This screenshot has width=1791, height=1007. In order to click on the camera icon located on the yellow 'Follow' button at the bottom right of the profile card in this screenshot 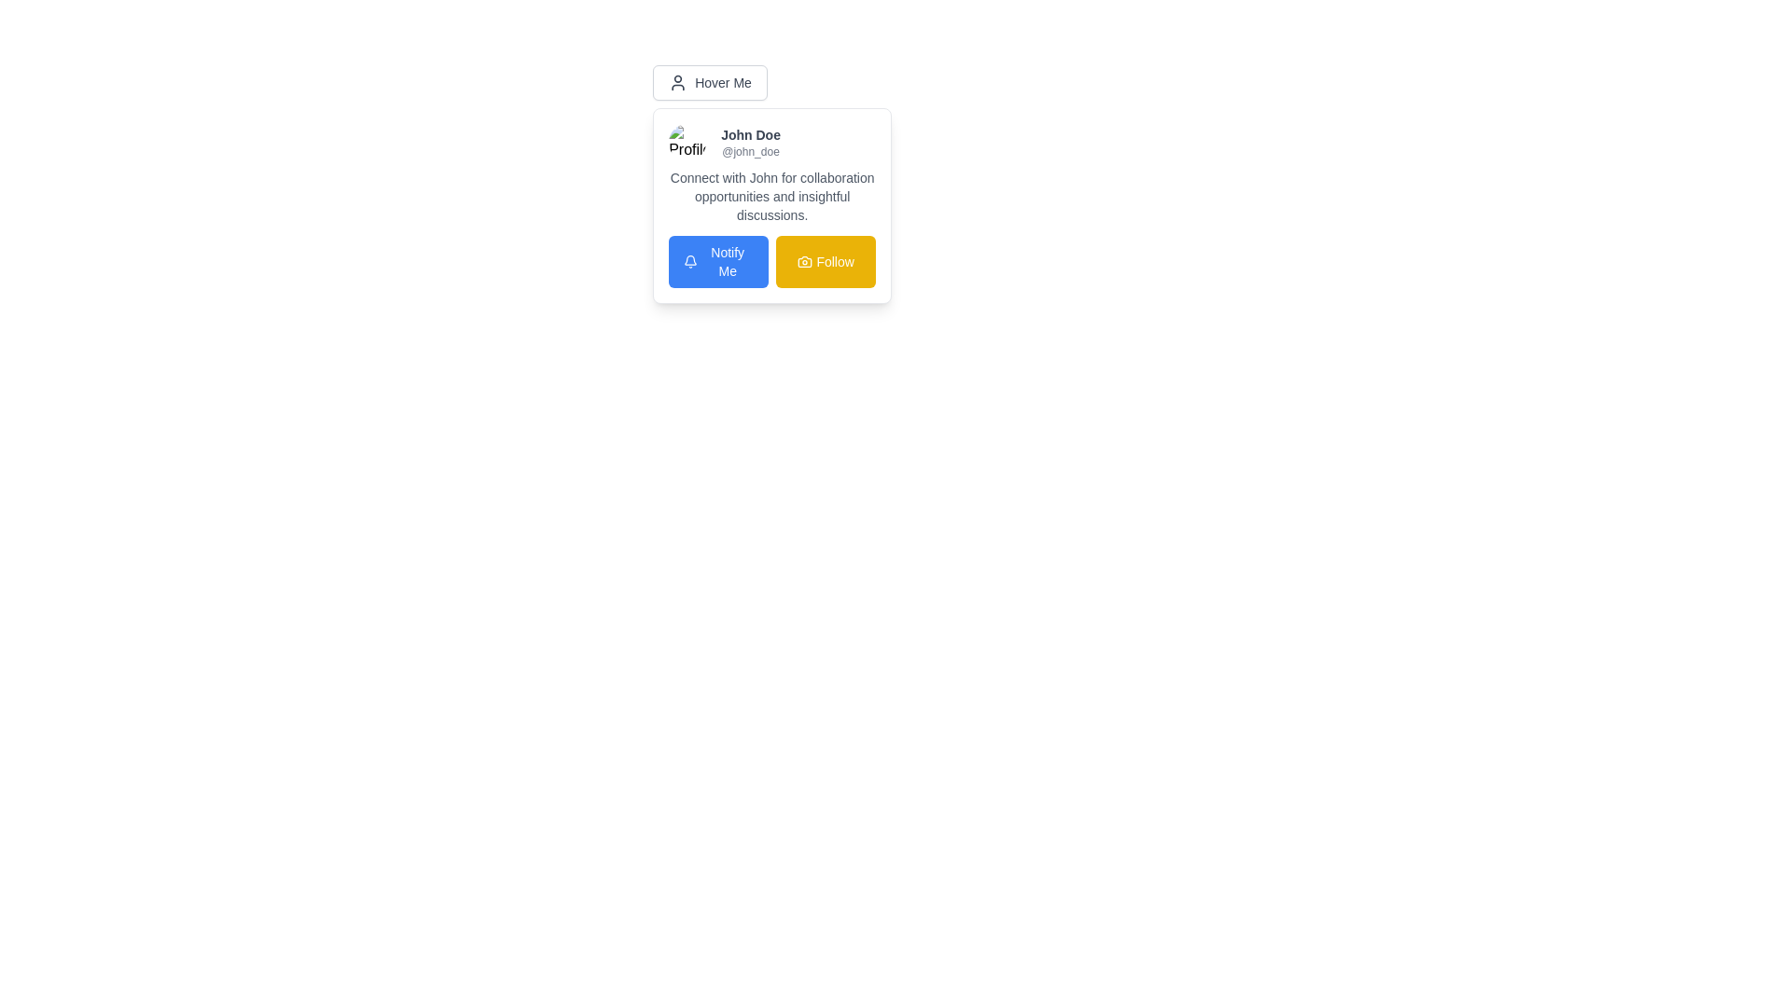, I will do `click(805, 262)`.